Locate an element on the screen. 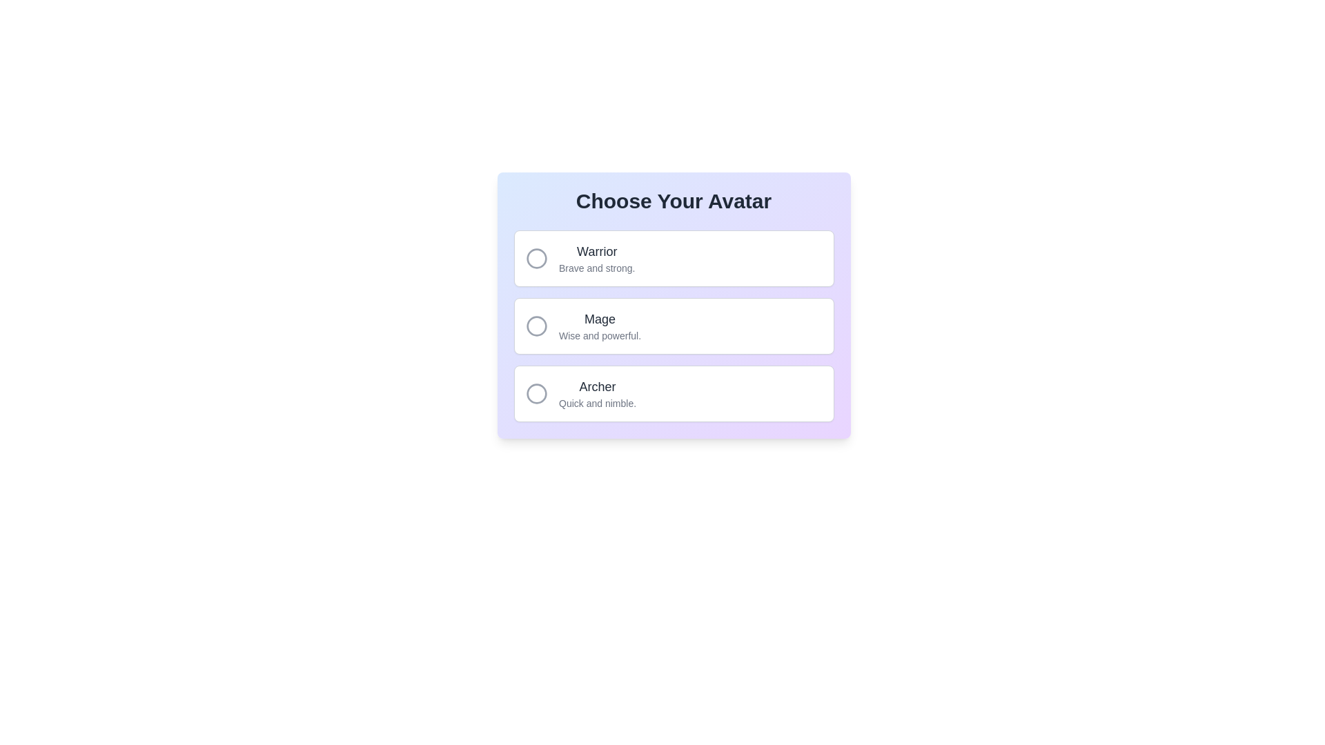 This screenshot has height=745, width=1325. the 'Mage' character type selectable card located in the second position of a vertically stacked list of three cards is located at coordinates (674, 326).